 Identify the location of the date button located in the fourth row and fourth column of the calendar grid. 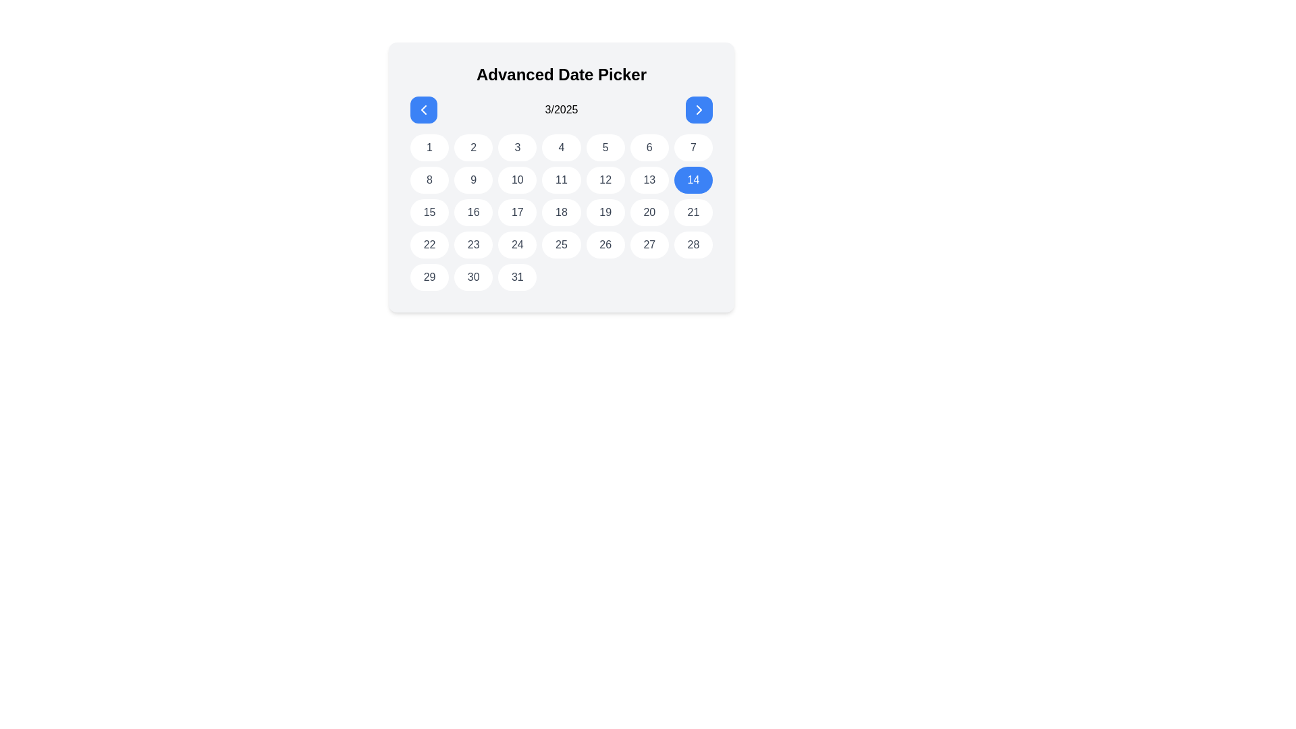
(561, 244).